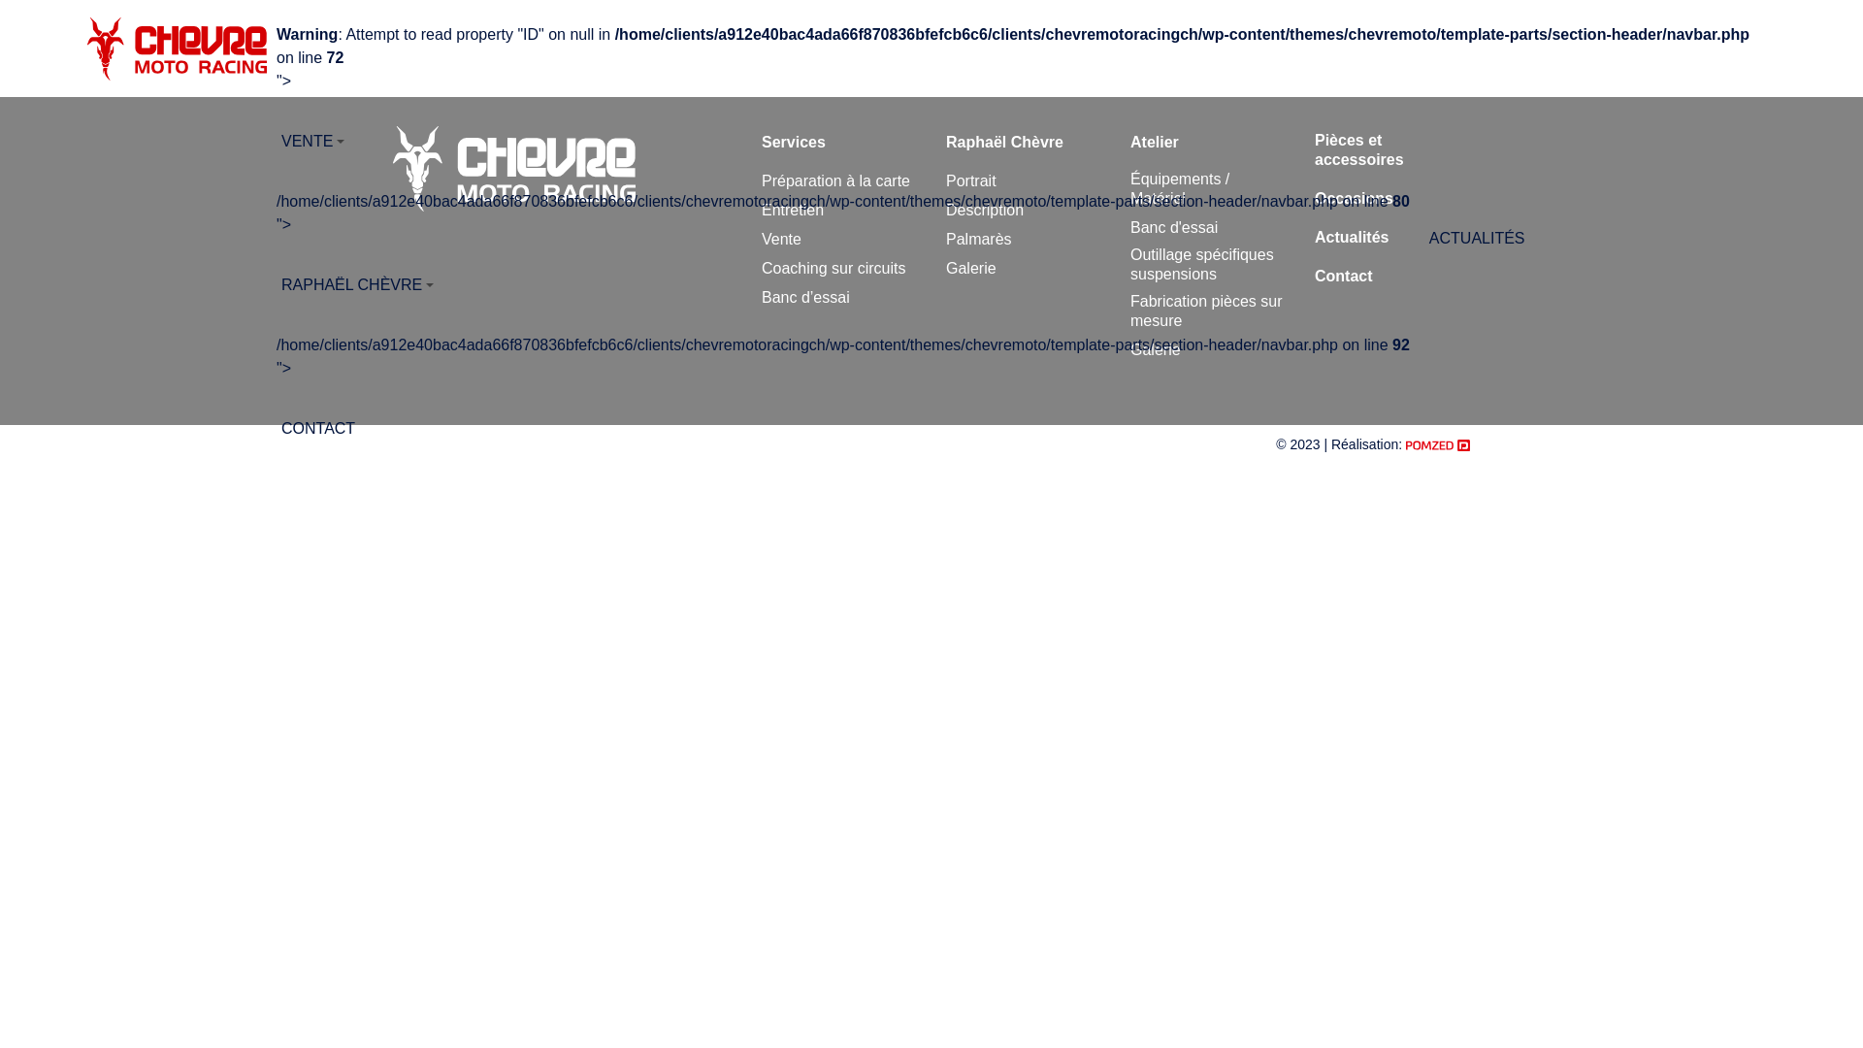 This screenshot has width=1863, height=1048. I want to click on 'Contact', so click(1343, 277).